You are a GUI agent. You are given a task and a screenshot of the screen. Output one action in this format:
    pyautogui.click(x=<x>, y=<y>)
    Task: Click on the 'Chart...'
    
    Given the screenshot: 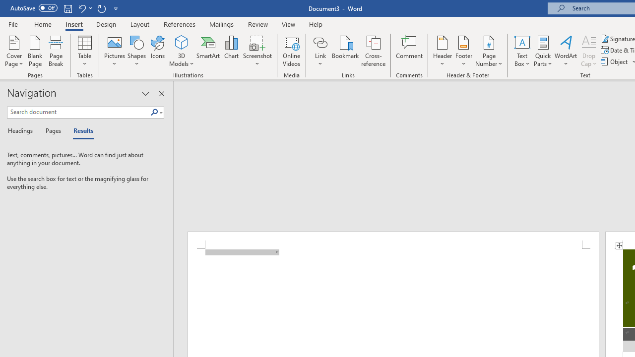 What is the action you would take?
    pyautogui.click(x=231, y=51)
    